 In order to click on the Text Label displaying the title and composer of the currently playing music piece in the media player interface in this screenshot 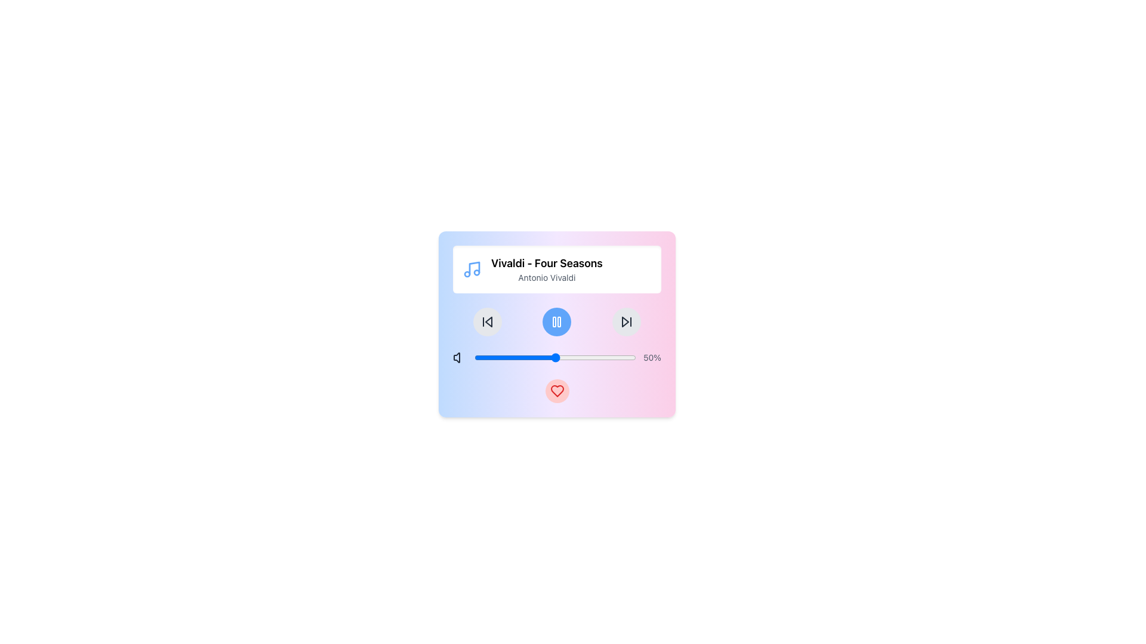, I will do `click(546, 269)`.